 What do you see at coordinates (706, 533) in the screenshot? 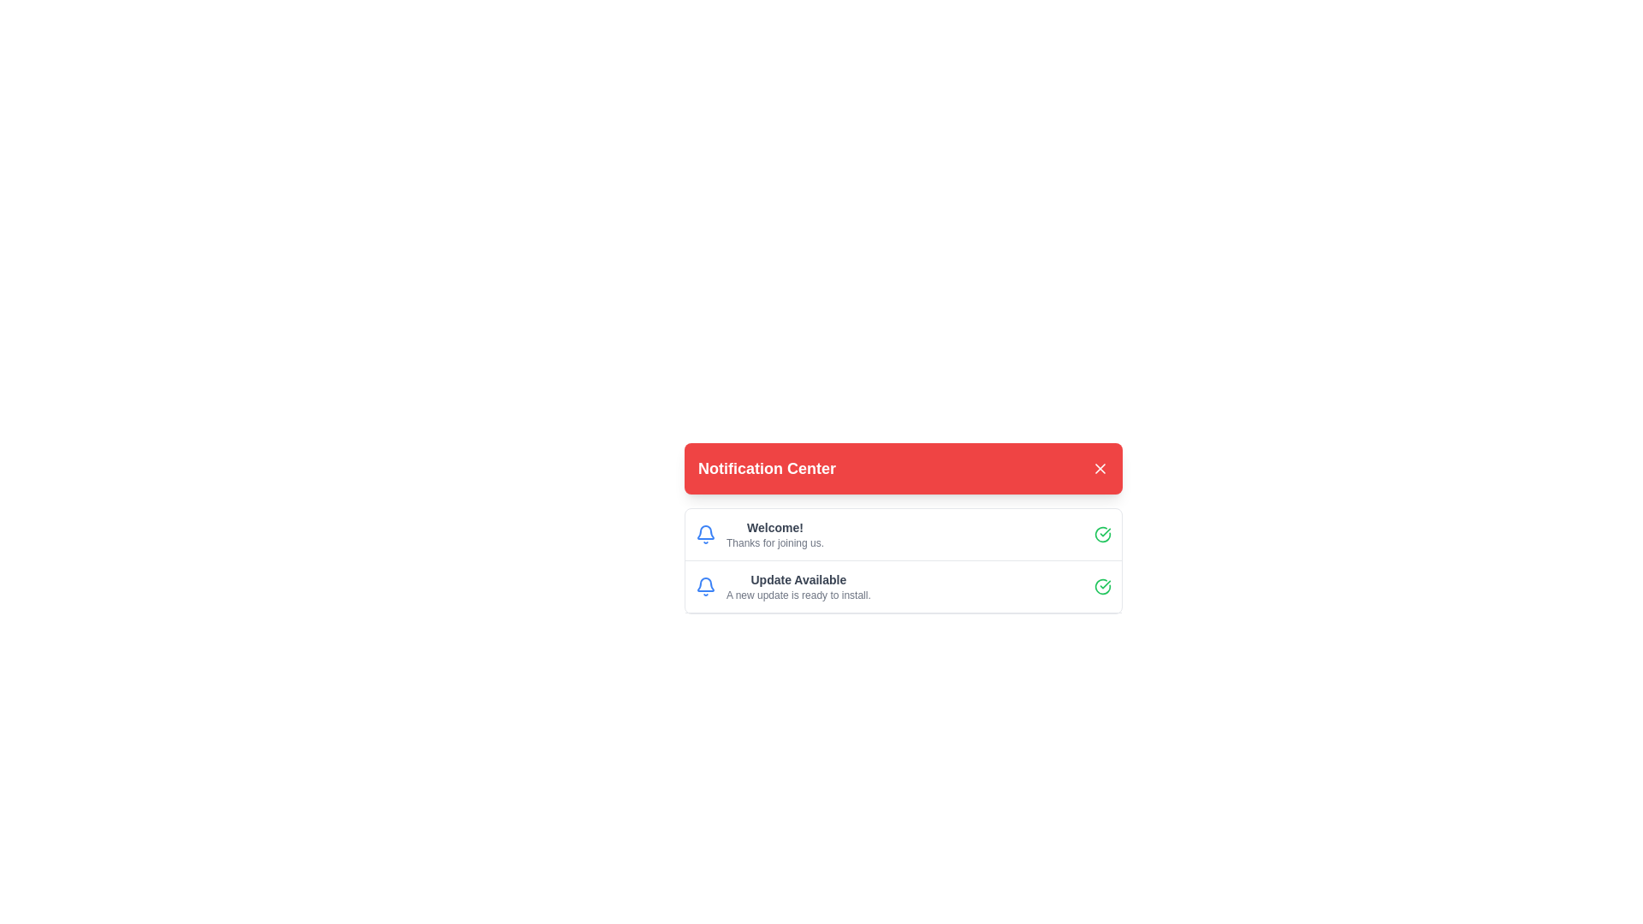
I see `the notification icon located to the left of the text 'Welcome!' and 'Thanks for joining us.'` at bounding box center [706, 533].